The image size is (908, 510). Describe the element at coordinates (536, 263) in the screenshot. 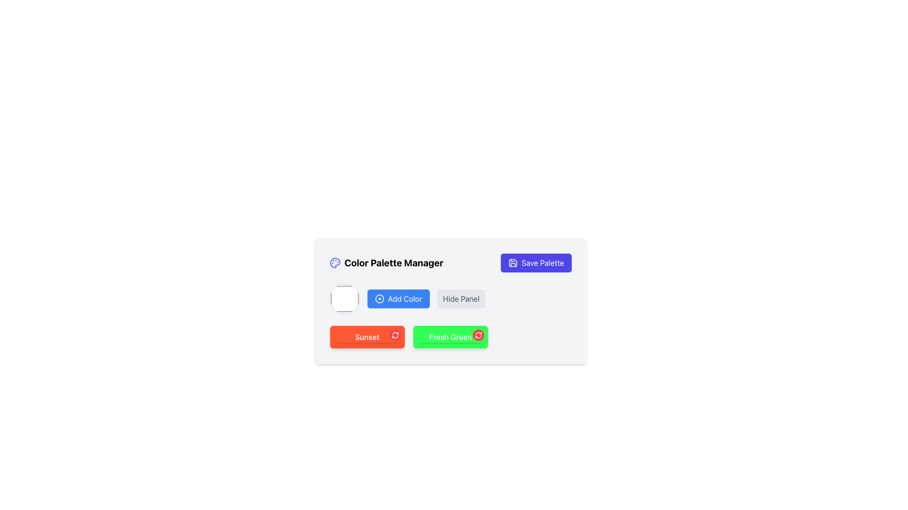

I see `the 'Save Palette' button with a strong indigo background and white text located at the top-right corner of the 'Color Palette Manager' dialogue box to activate its hover effect` at that location.